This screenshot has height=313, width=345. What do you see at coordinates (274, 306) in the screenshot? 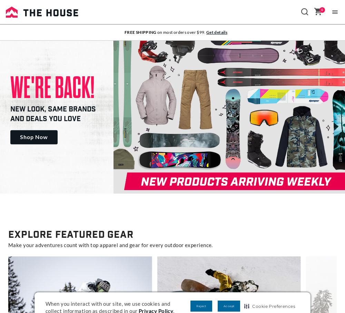
I see `'Cookie Preferences'` at bounding box center [274, 306].